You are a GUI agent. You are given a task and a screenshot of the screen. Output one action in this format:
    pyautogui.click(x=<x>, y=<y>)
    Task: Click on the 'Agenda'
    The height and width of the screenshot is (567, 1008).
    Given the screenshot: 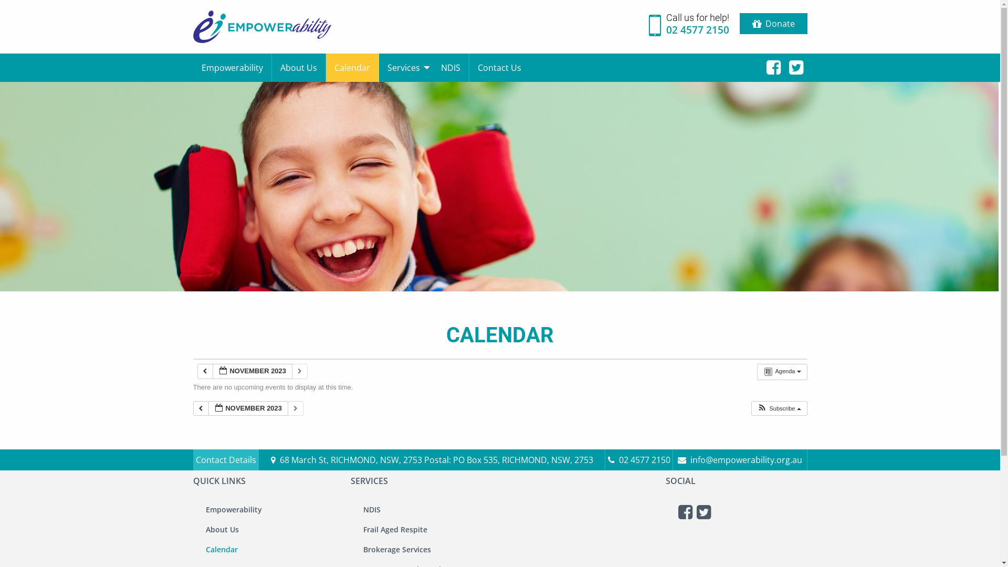 What is the action you would take?
    pyautogui.click(x=782, y=371)
    